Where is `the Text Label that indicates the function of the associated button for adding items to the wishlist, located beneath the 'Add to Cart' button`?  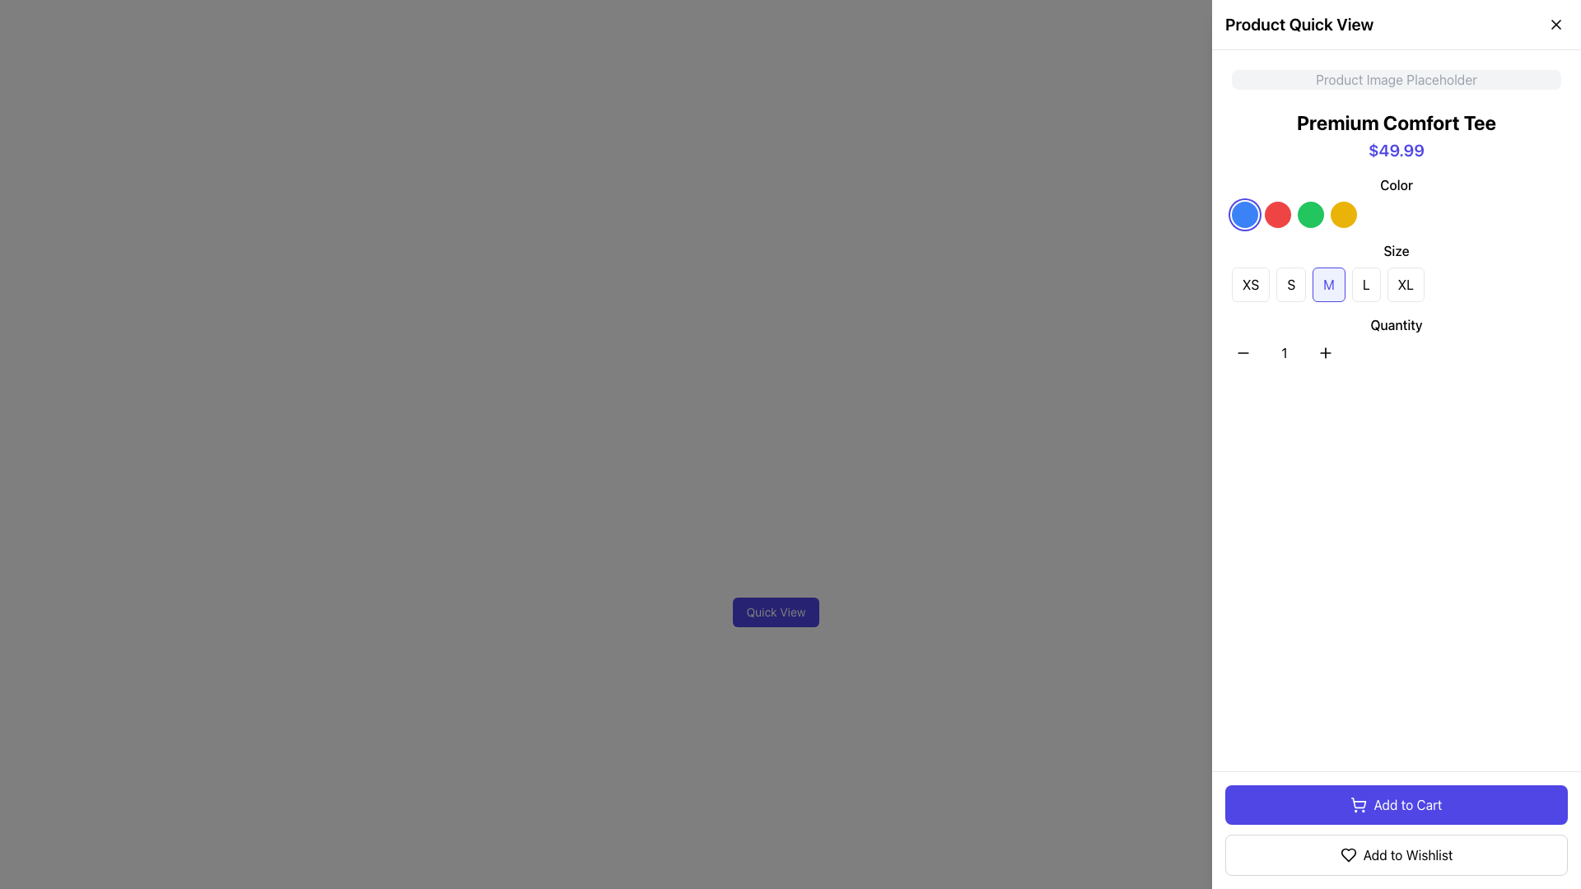
the Text Label that indicates the function of the associated button for adding items to the wishlist, located beneath the 'Add to Cart' button is located at coordinates (1406, 854).